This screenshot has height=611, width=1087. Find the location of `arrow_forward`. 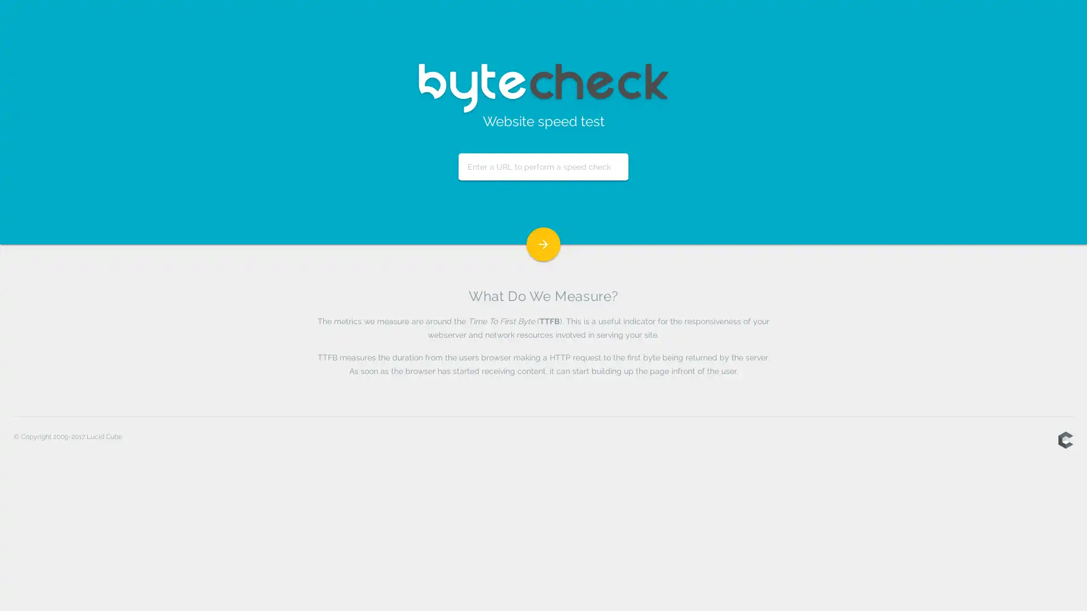

arrow_forward is located at coordinates (543, 244).